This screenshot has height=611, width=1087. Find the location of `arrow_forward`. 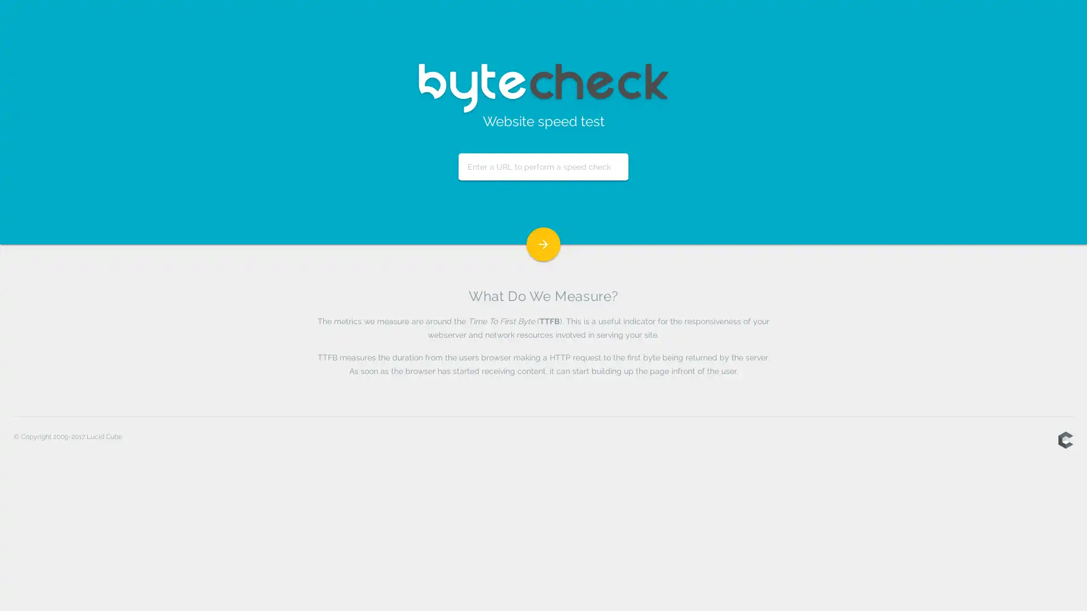

arrow_forward is located at coordinates (543, 244).